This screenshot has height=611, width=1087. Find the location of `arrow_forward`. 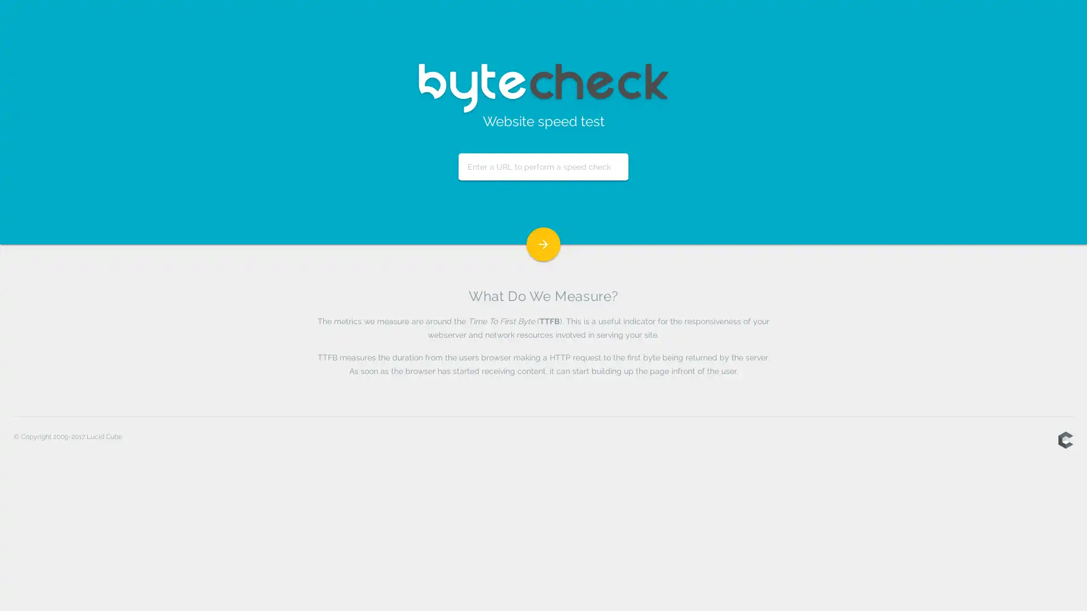

arrow_forward is located at coordinates (543, 244).